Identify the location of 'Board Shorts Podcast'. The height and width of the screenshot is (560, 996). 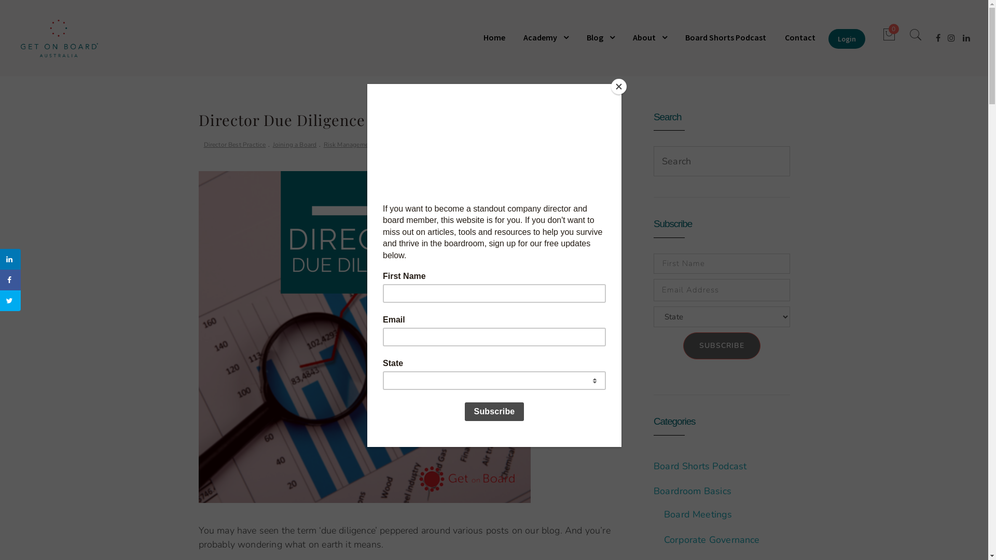
(700, 465).